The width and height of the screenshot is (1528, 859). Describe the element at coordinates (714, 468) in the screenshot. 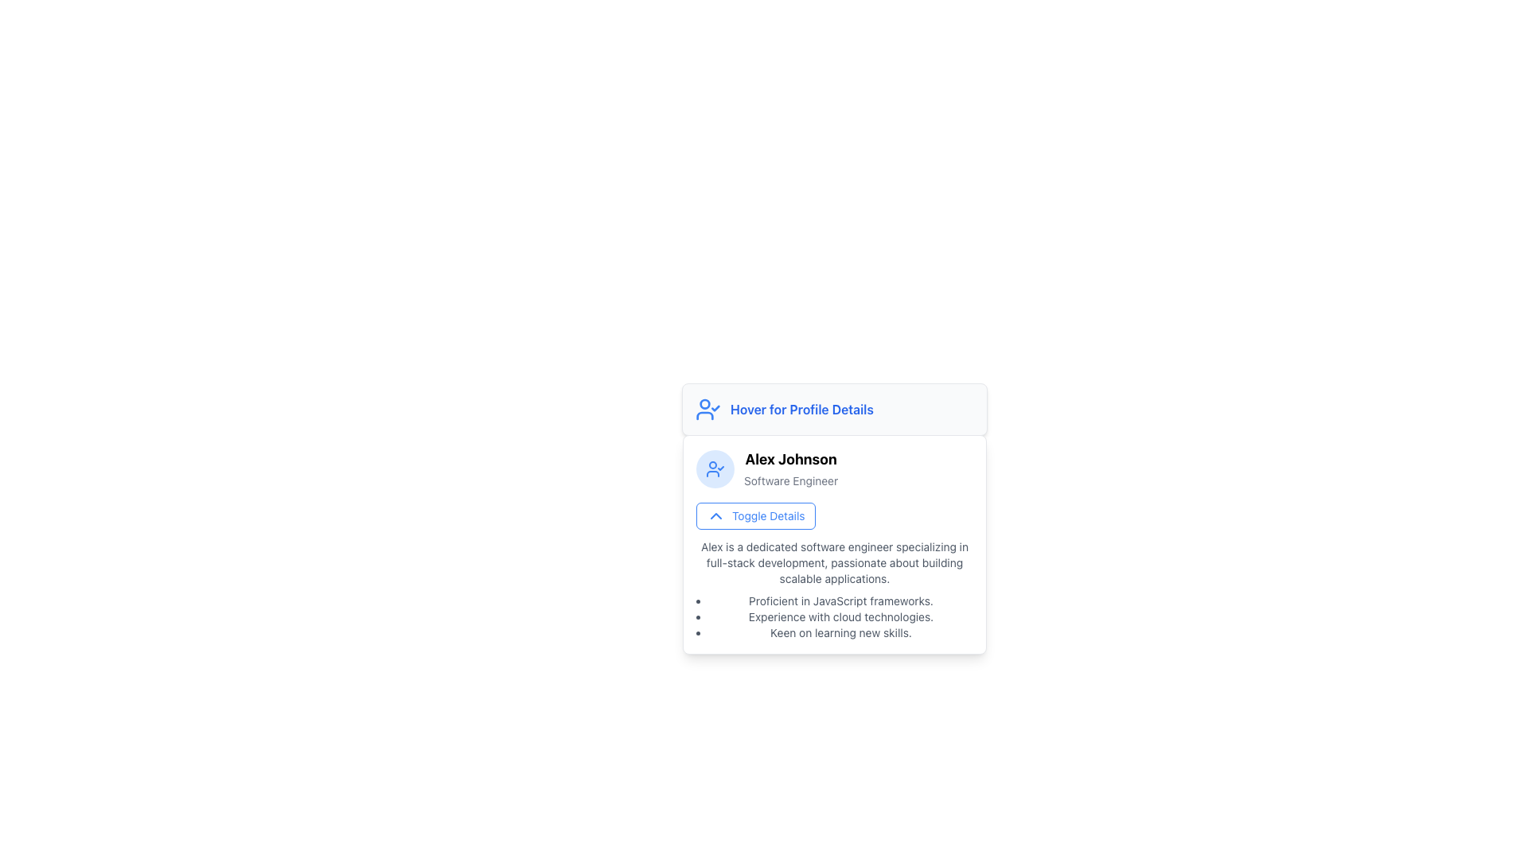

I see `the user silhouette icon with a checkmark in a light blue circular background, located above the name 'Alex Johnson' in the profile card` at that location.